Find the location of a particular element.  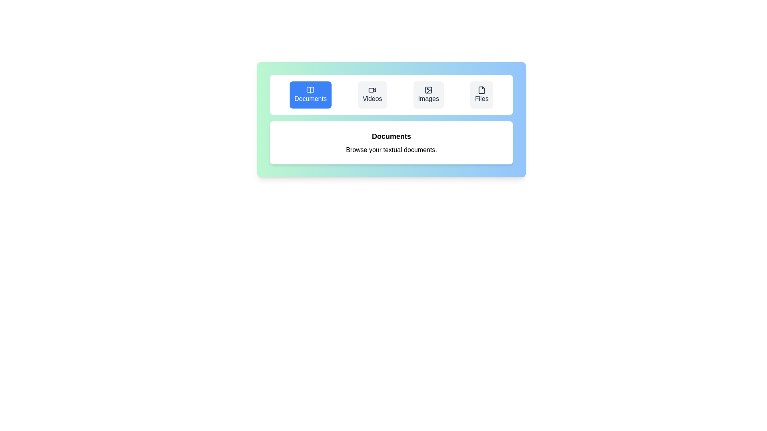

the Images tab by clicking on the corresponding button is located at coordinates (428, 95).